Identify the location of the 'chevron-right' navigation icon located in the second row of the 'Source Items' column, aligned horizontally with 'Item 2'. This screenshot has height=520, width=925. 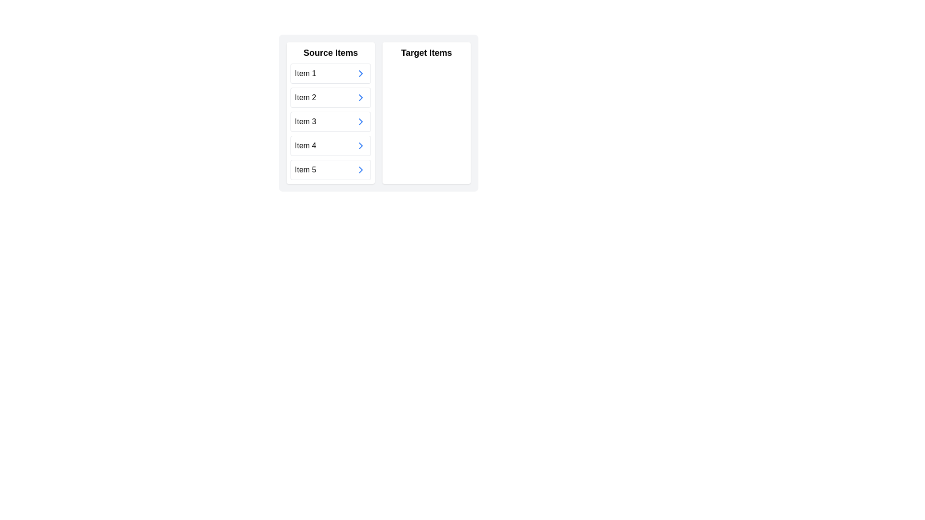
(360, 98).